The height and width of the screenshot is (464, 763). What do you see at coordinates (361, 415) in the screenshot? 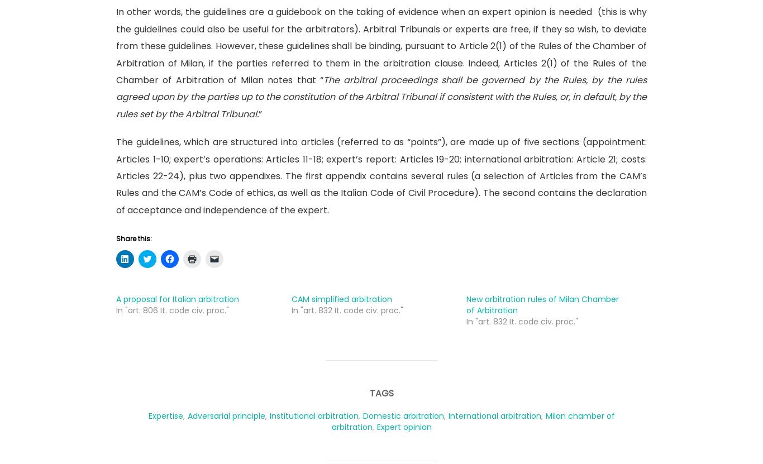
I see `'Domestic arbitration'` at bounding box center [361, 415].